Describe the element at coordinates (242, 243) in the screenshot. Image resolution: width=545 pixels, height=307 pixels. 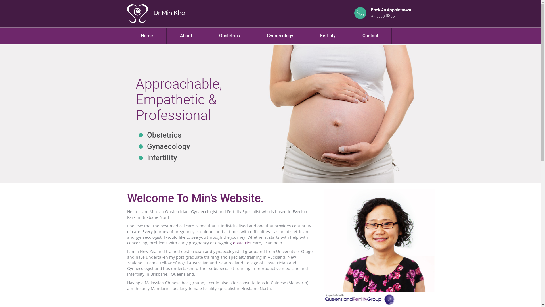
I see `'obstetrics'` at that location.